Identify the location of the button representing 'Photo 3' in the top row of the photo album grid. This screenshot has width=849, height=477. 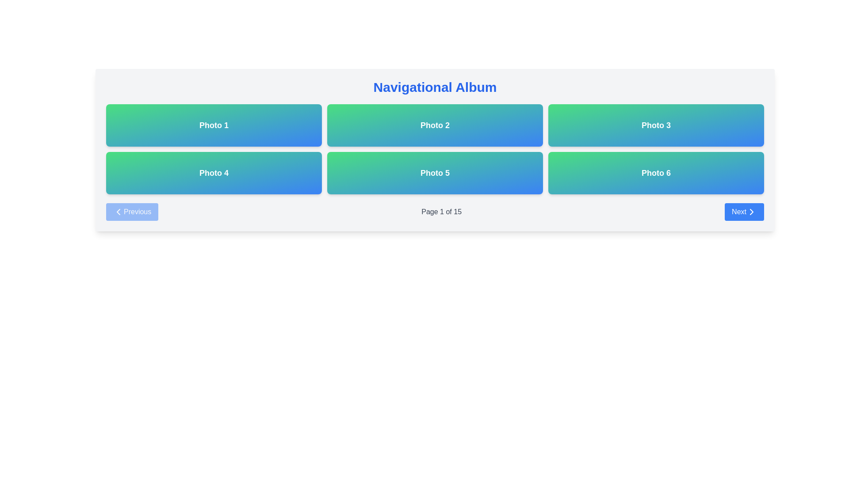
(656, 125).